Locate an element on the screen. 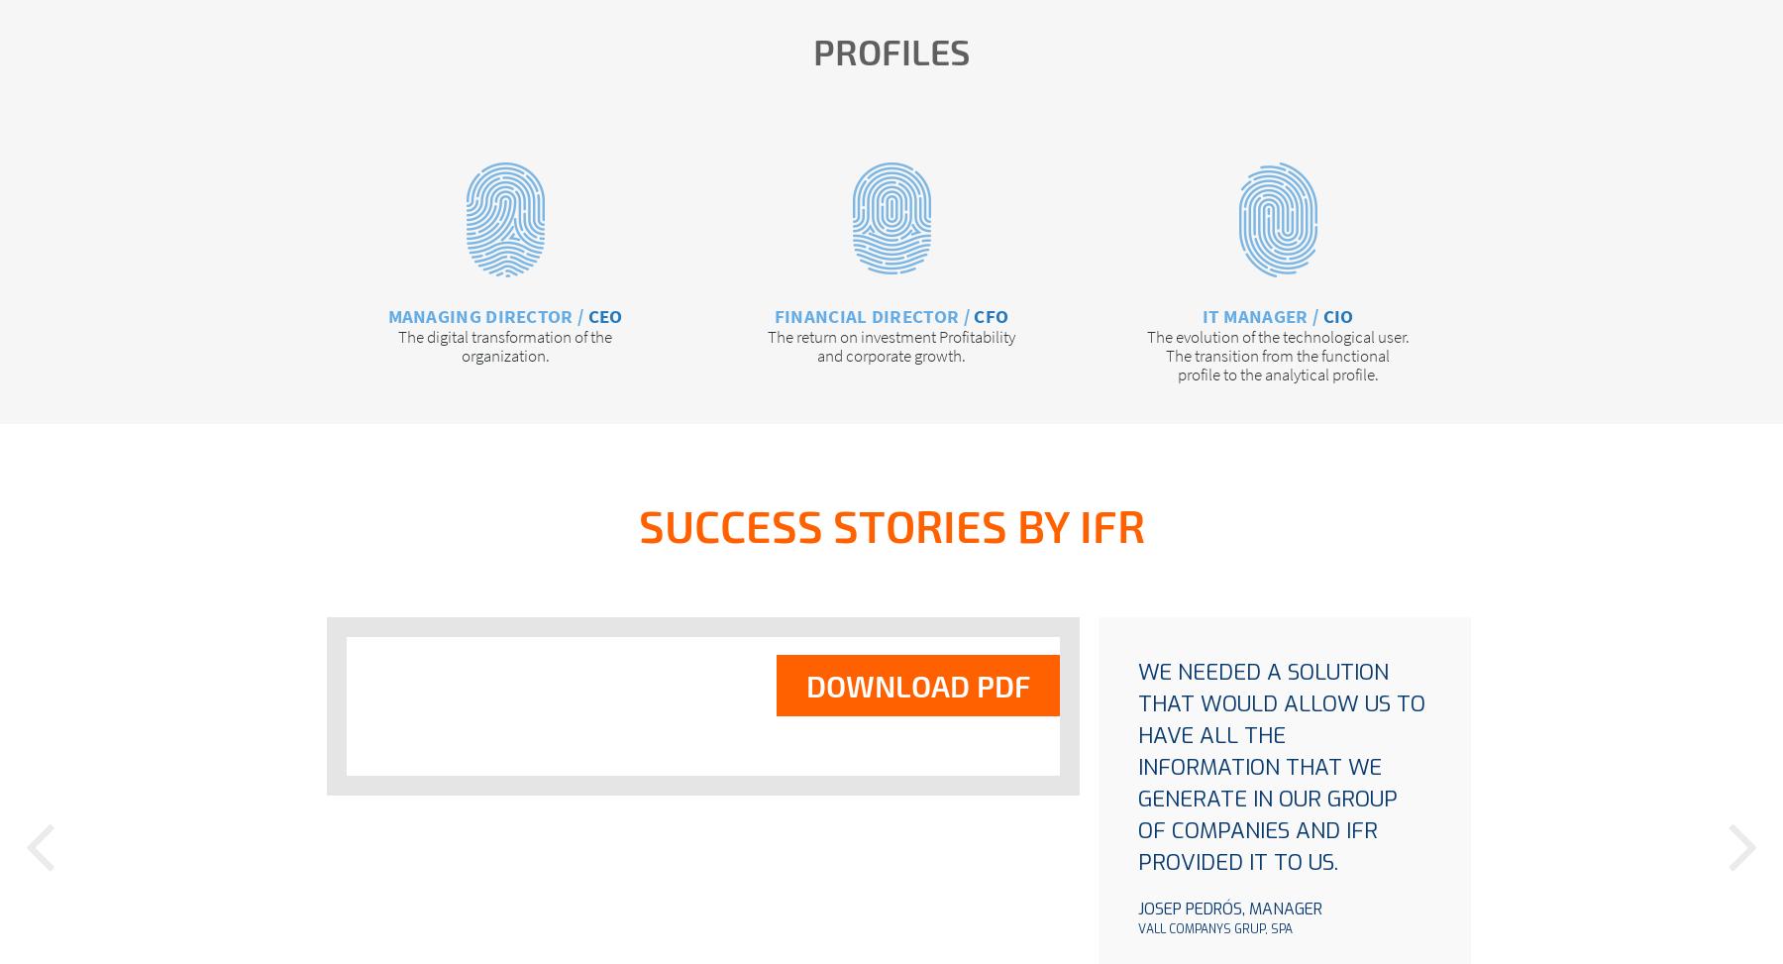  'Profiles' is located at coordinates (891, 51).